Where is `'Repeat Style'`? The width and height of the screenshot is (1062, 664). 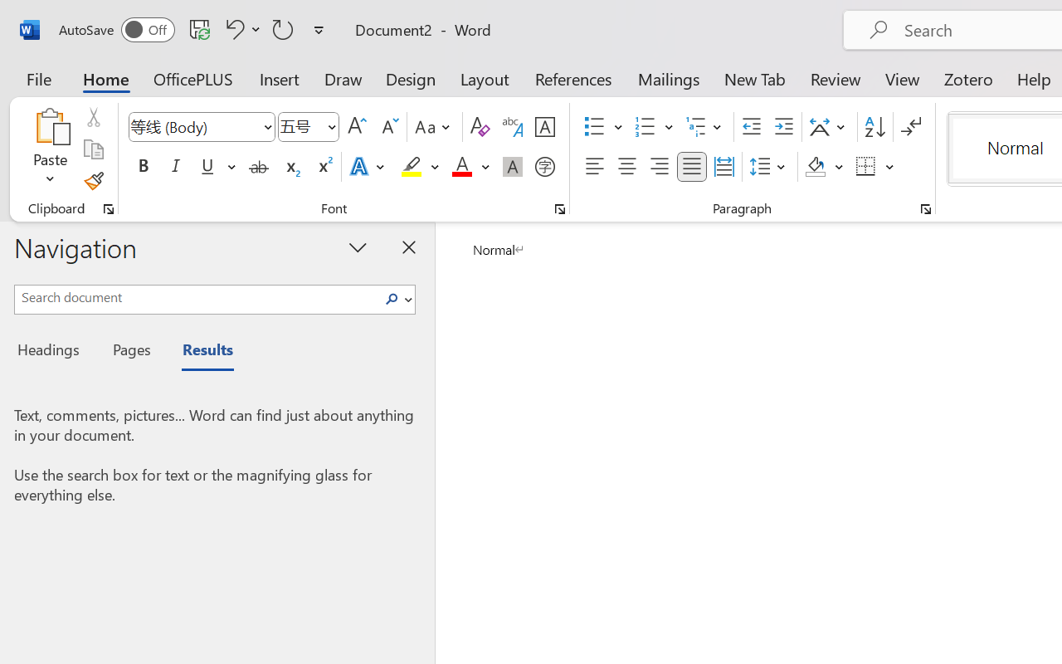
'Repeat Style' is located at coordinates (283, 28).